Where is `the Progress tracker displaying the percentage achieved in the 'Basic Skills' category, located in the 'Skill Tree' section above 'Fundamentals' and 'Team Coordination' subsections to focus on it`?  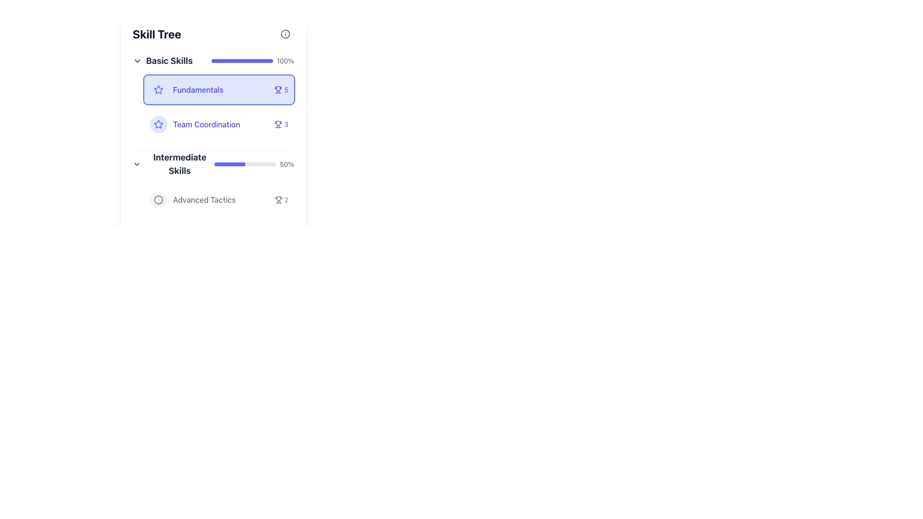 the Progress tracker displaying the percentage achieved in the 'Basic Skills' category, located in the 'Skill Tree' section above 'Fundamentals' and 'Team Coordination' subsections to focus on it is located at coordinates (213, 61).